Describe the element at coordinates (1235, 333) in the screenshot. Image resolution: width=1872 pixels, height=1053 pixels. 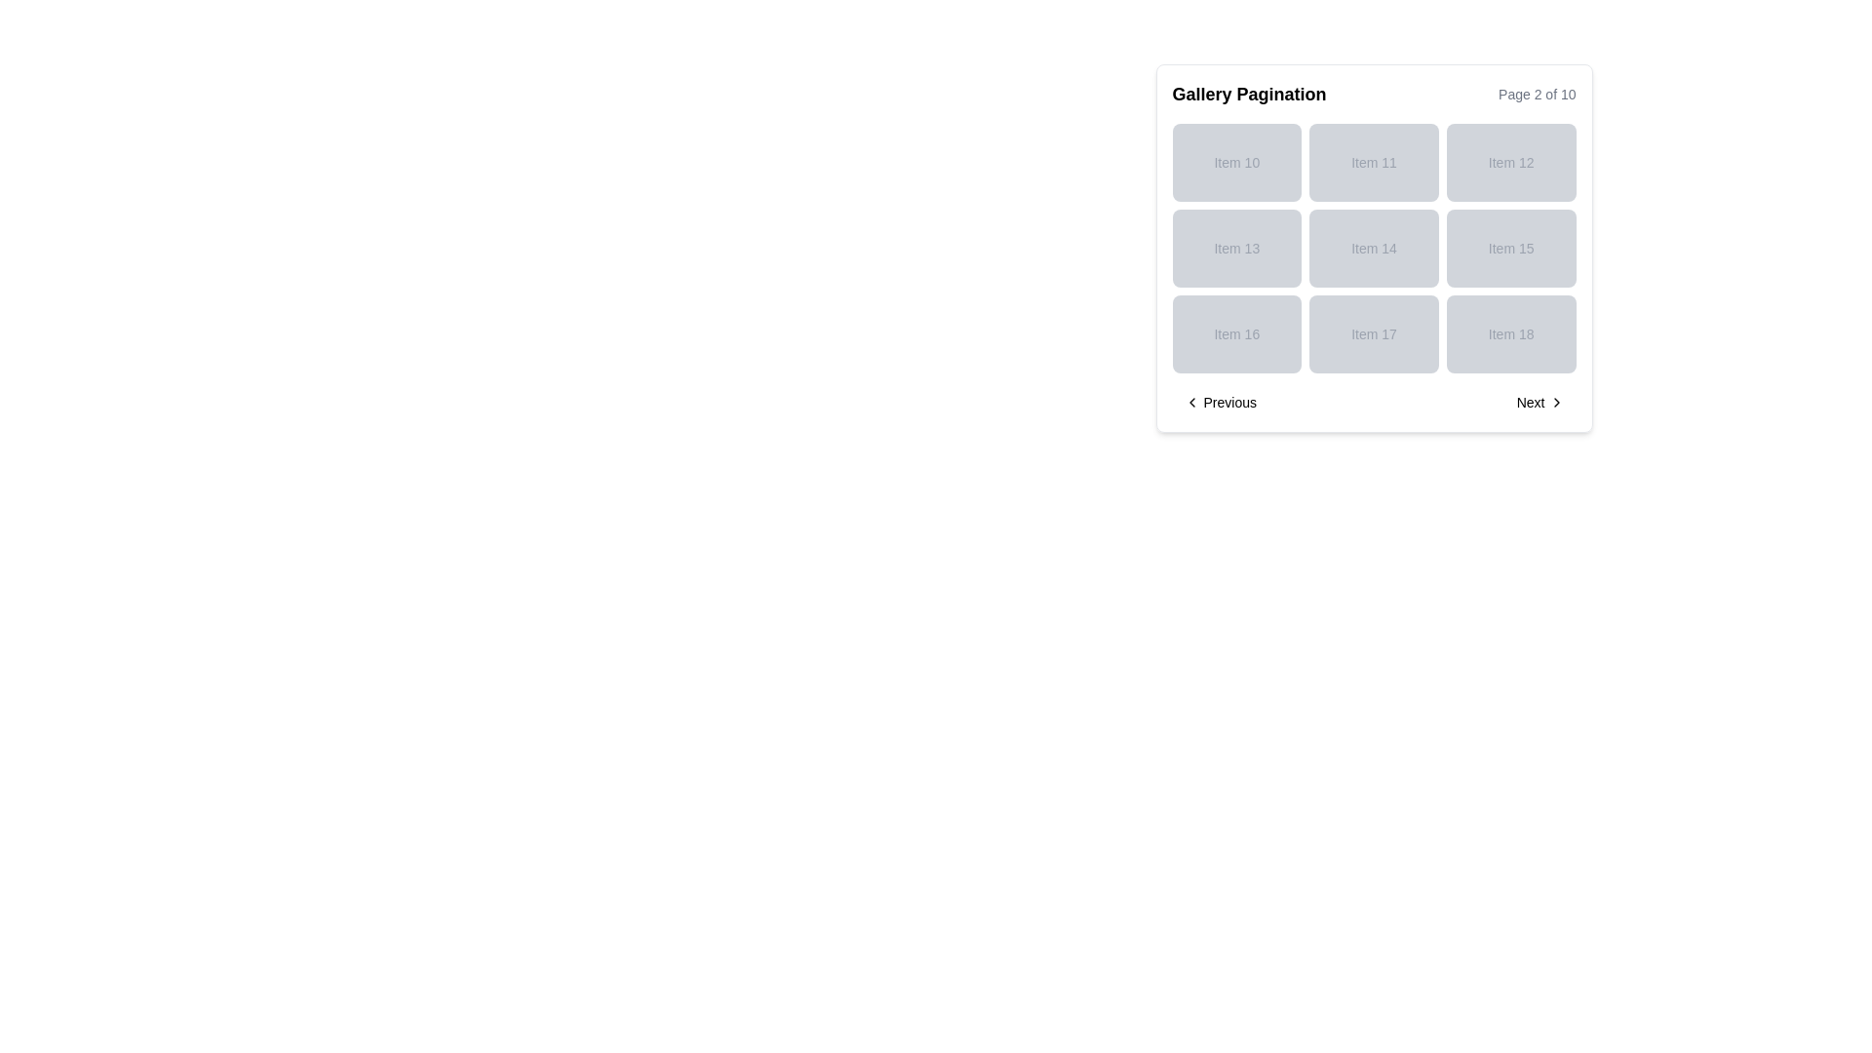
I see `the non-interactive display block labeled 'Item 16', which has a light gray background and is located in the bottom-left corner of the grid layout under 'Item 13'` at that location.